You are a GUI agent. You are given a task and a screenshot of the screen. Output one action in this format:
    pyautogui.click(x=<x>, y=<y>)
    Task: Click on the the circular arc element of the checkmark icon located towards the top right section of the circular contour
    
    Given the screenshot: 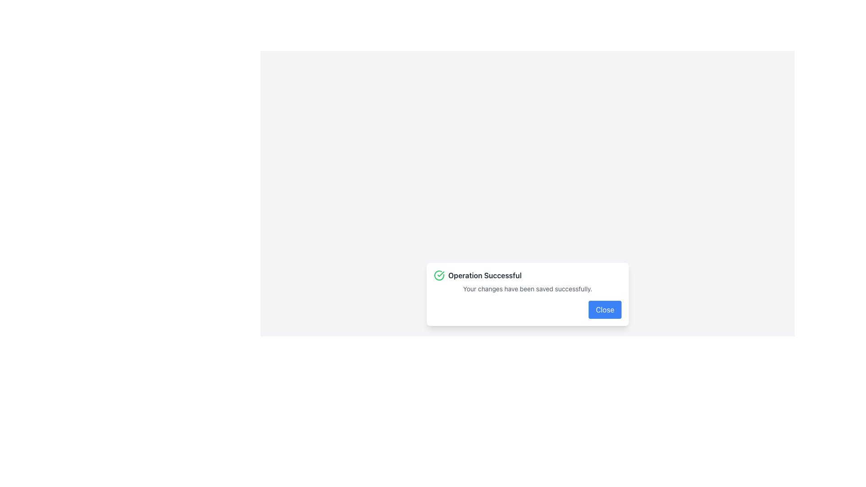 What is the action you would take?
    pyautogui.click(x=439, y=275)
    